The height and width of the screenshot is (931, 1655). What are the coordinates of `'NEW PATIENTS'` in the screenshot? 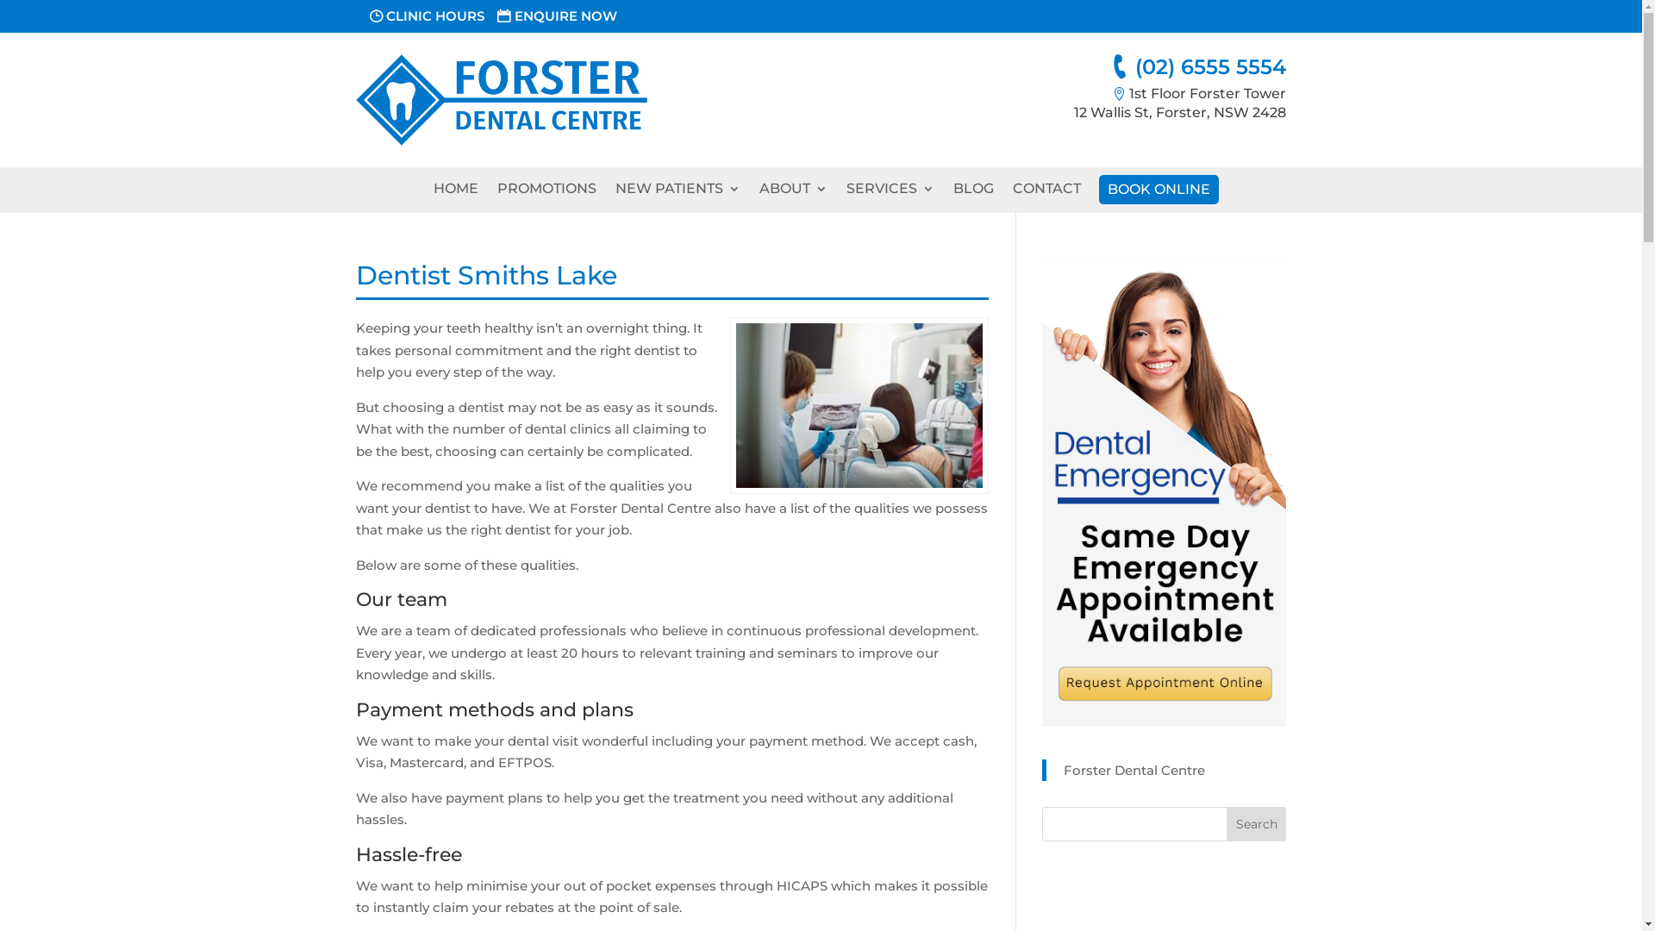 It's located at (677, 193).